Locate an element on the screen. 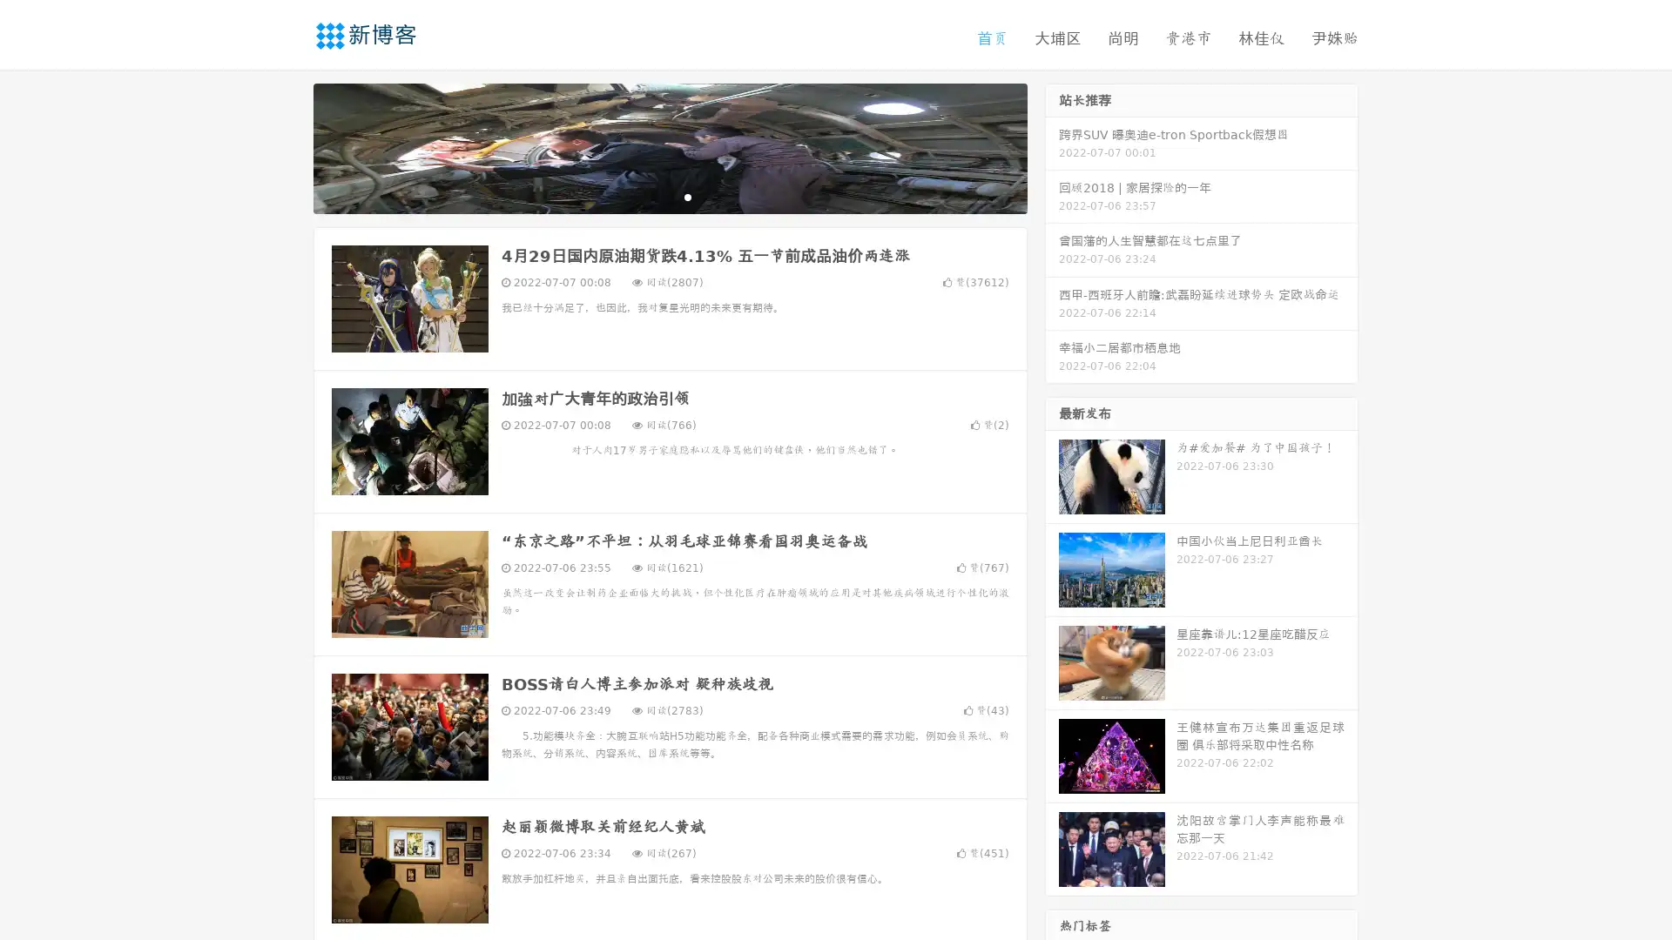  Go to slide 1 is located at coordinates (651, 196).